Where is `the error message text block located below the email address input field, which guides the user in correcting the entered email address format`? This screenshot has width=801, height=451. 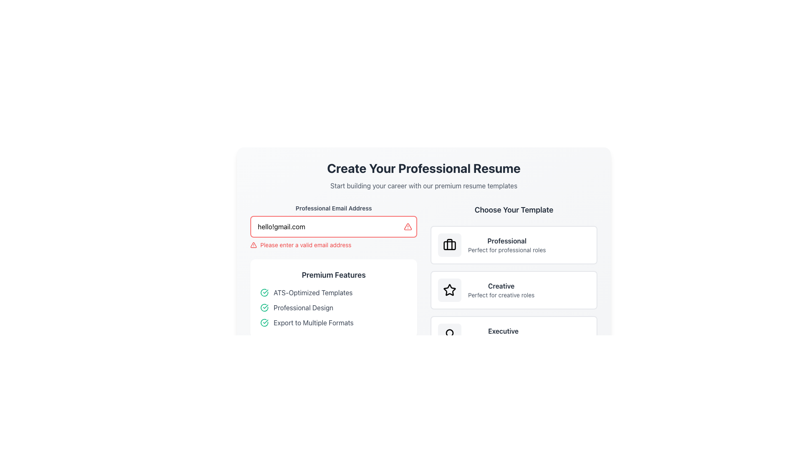
the error message text block located below the email address input field, which guides the user in correcting the entered email address format is located at coordinates (334, 244).